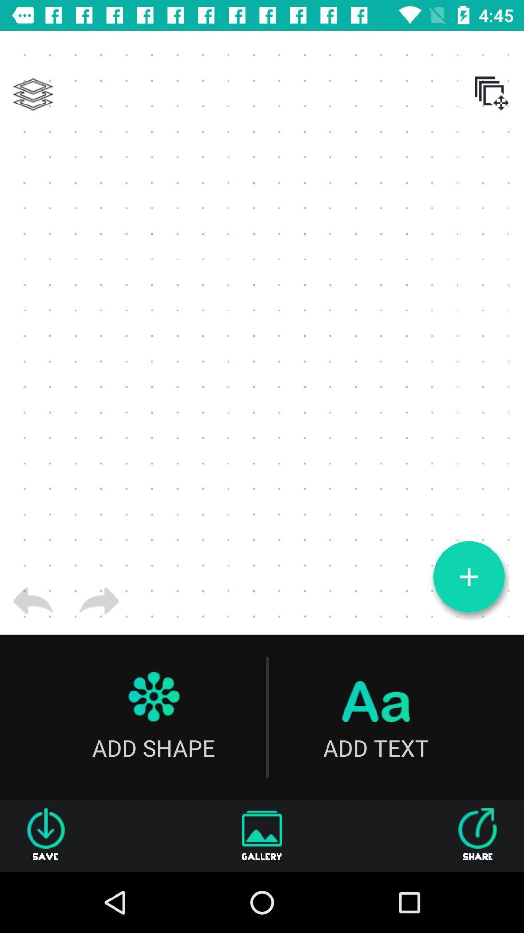 This screenshot has width=524, height=933. I want to click on icon at the top left corner, so click(33, 94).